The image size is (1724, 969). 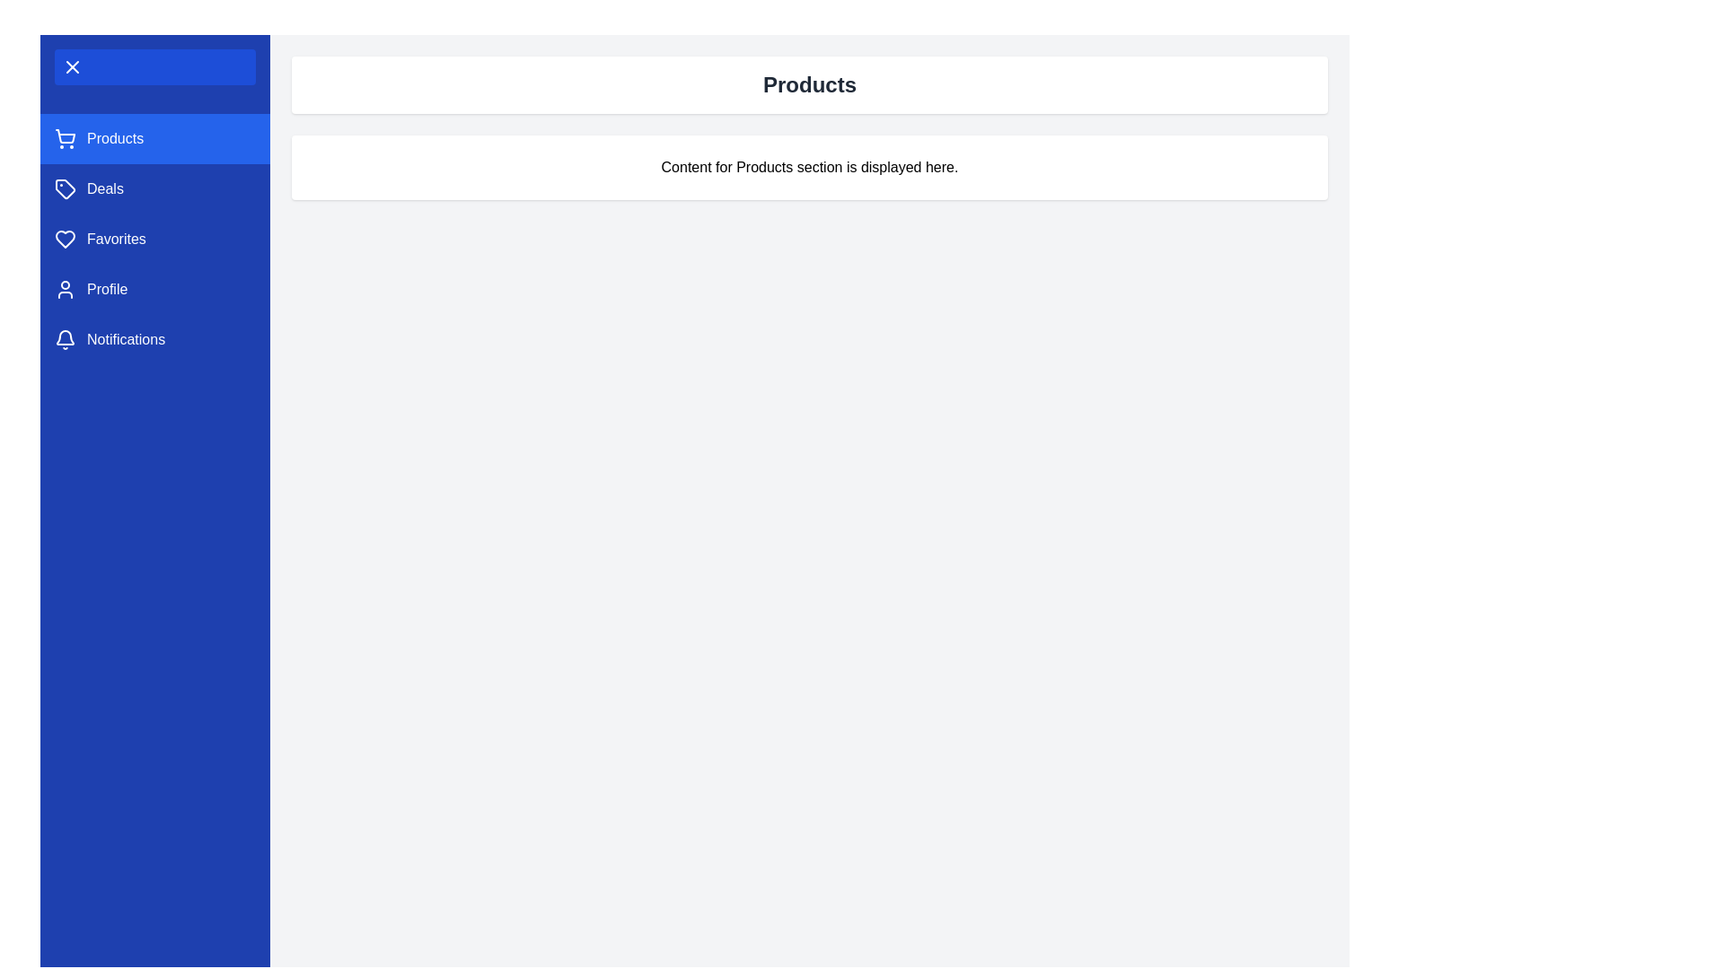 What do you see at coordinates (65, 238) in the screenshot?
I see `the heart icon located in the left sidebar next to the 'Favorites' text` at bounding box center [65, 238].